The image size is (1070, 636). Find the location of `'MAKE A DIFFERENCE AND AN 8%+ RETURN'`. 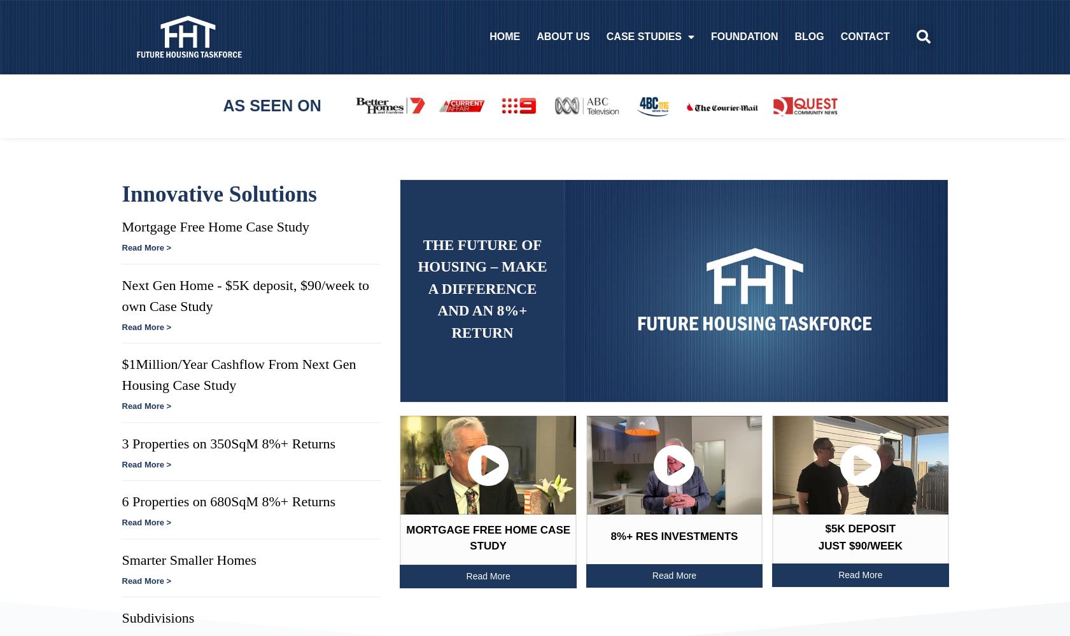

'MAKE A DIFFERENCE AND AN 8%+ RETURN' is located at coordinates (487, 299).